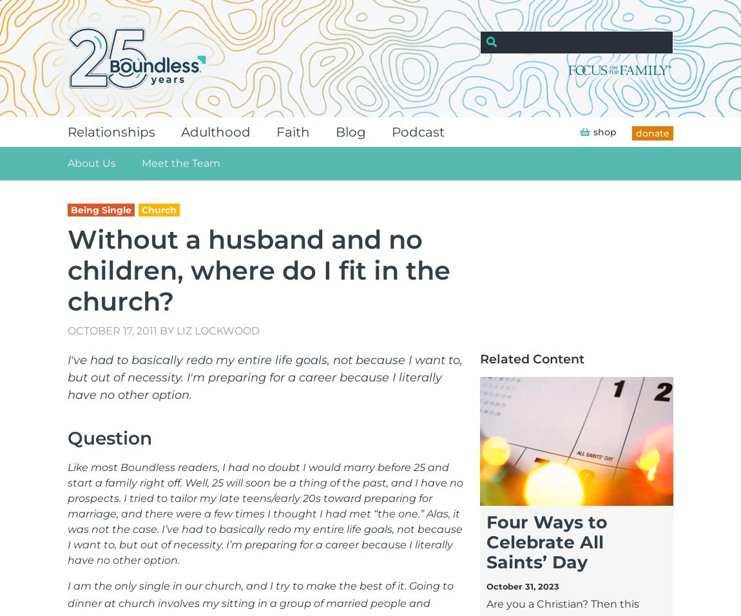  I want to click on 'Like most Boundless readers, I had no doubt I would marry before 25 and start a family right off. Well, 25 will soon be a thing of the past, and I have no prospects. I tried to tailor my late teens/early 20s toward preparing for marriage, and there were a few times I thought I had met “the one.” Alas, it was not the case. I’ve had to basically redo my entire life goals, not because I want to, but out of necessity. I’m preparing for a career because I literally have no other option.', so click(265, 512).